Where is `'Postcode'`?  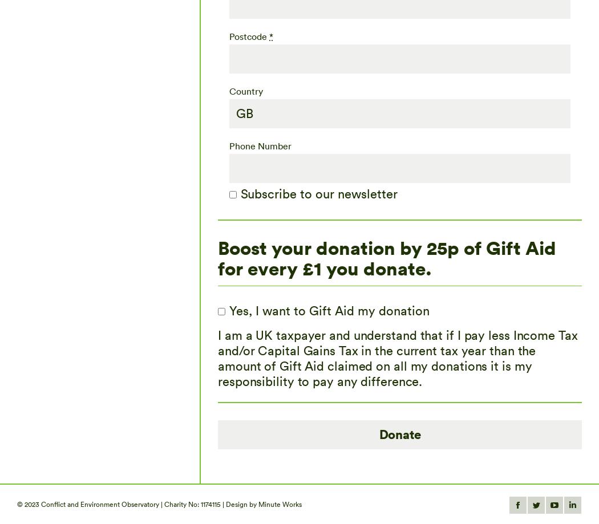 'Postcode' is located at coordinates (249, 36).